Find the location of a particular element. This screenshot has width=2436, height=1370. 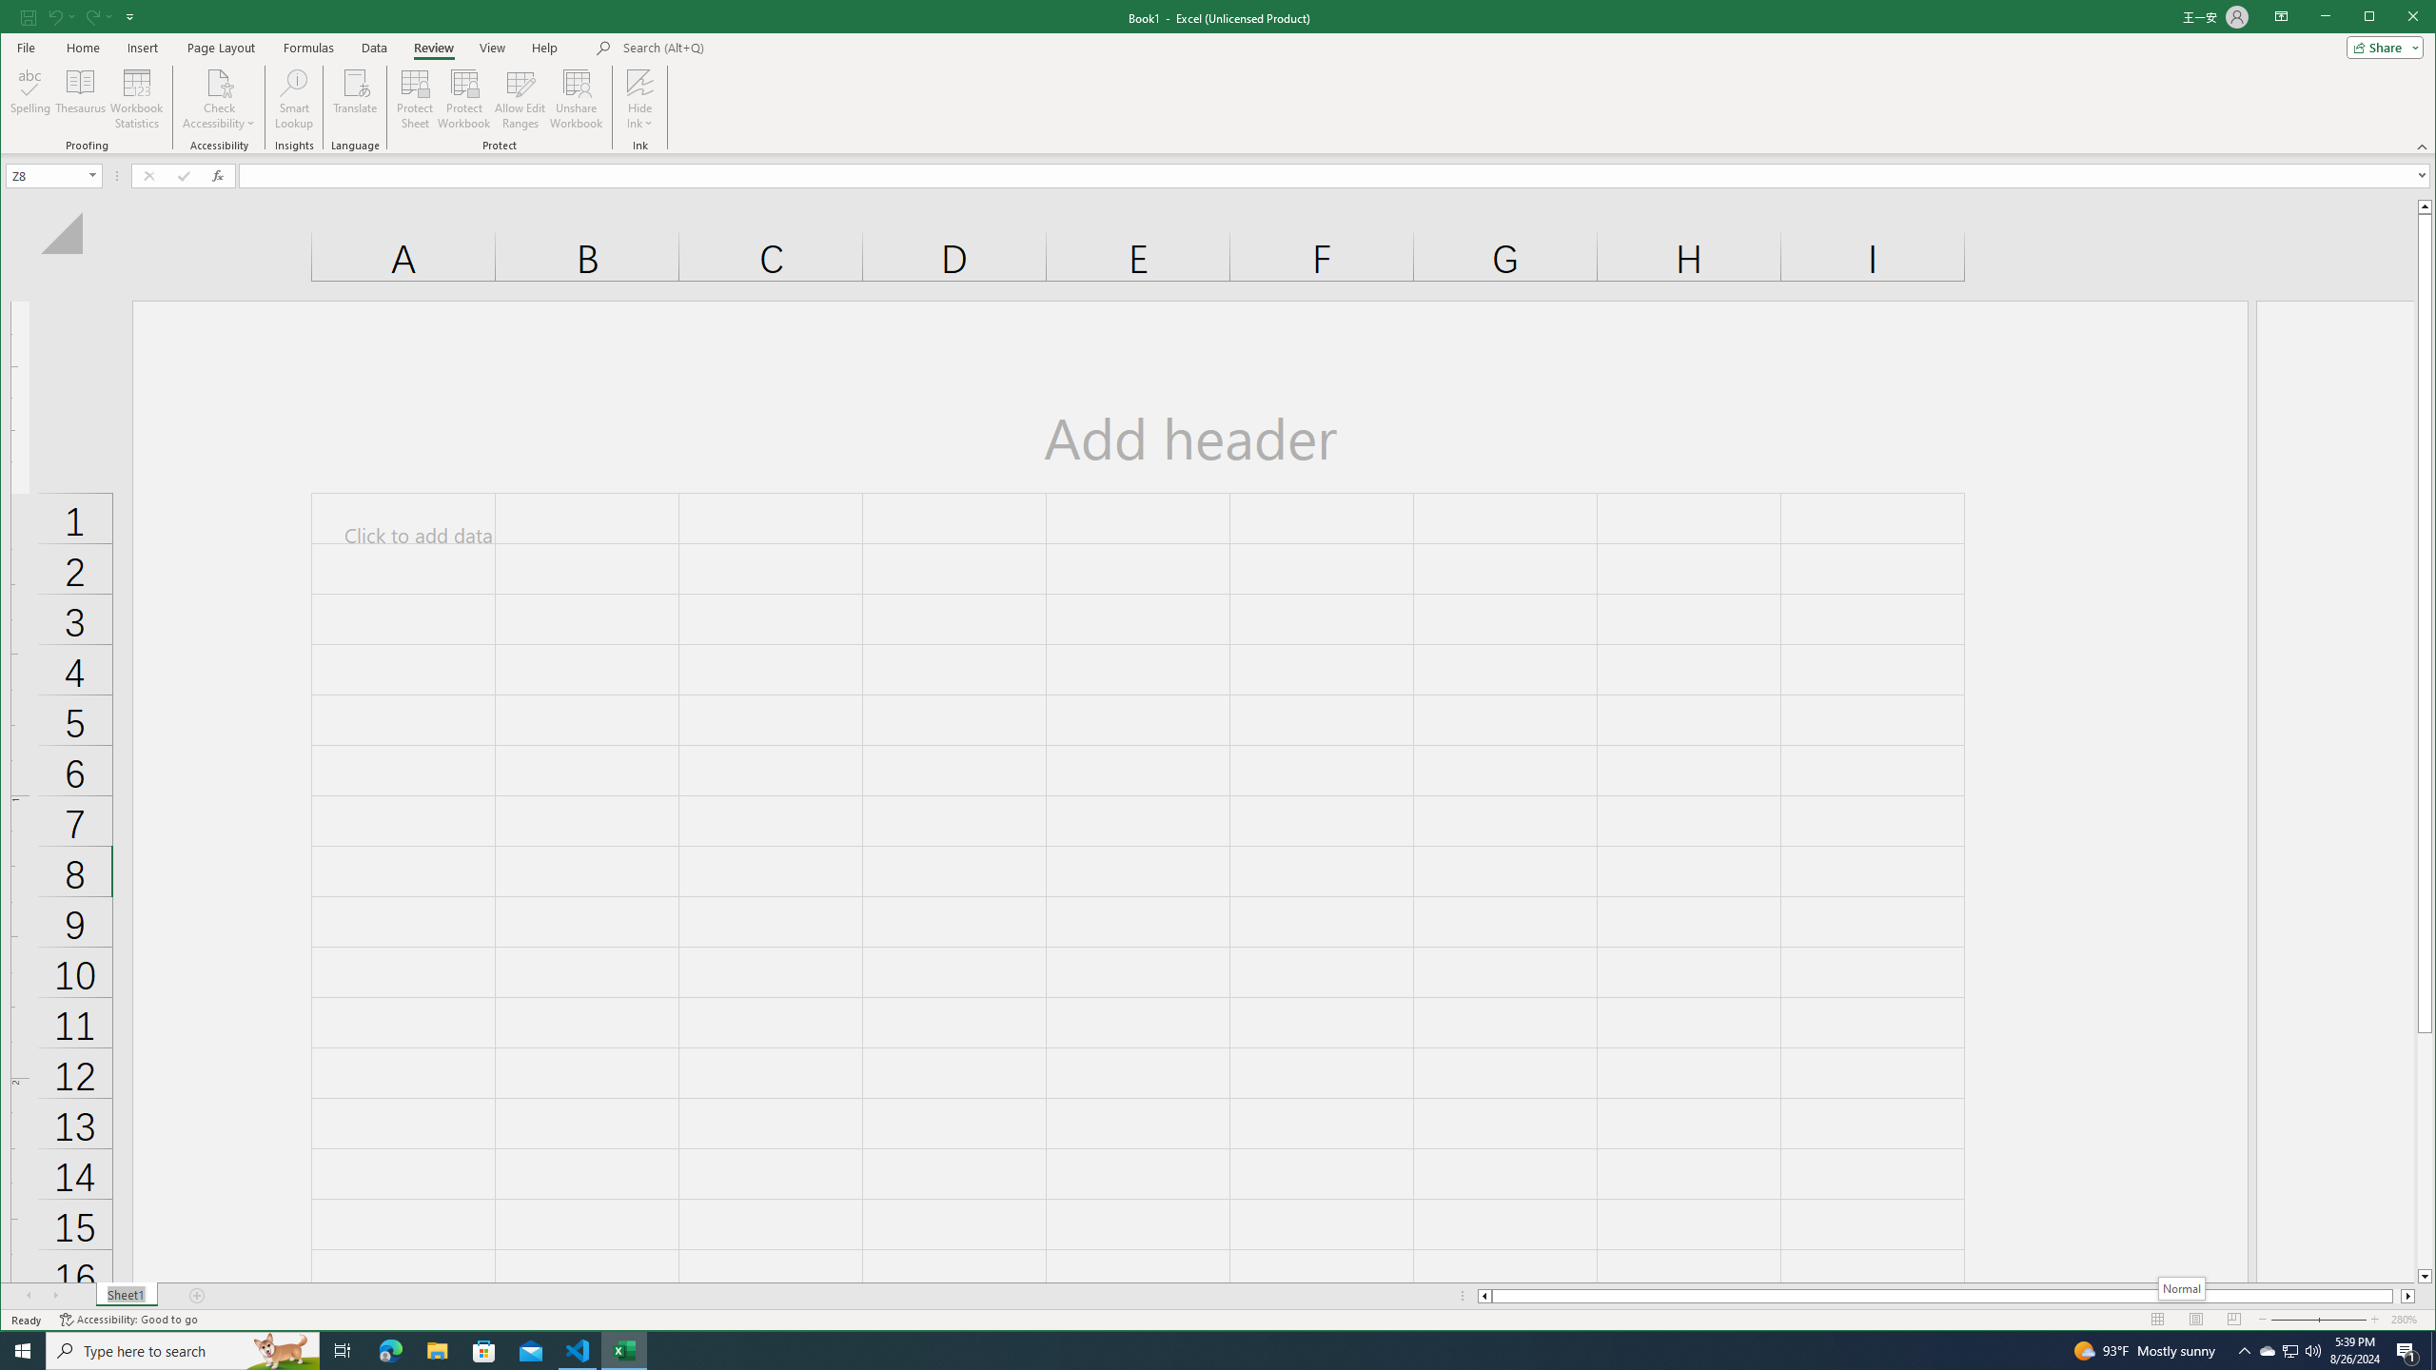

'Normal' is located at coordinates (2157, 1319).